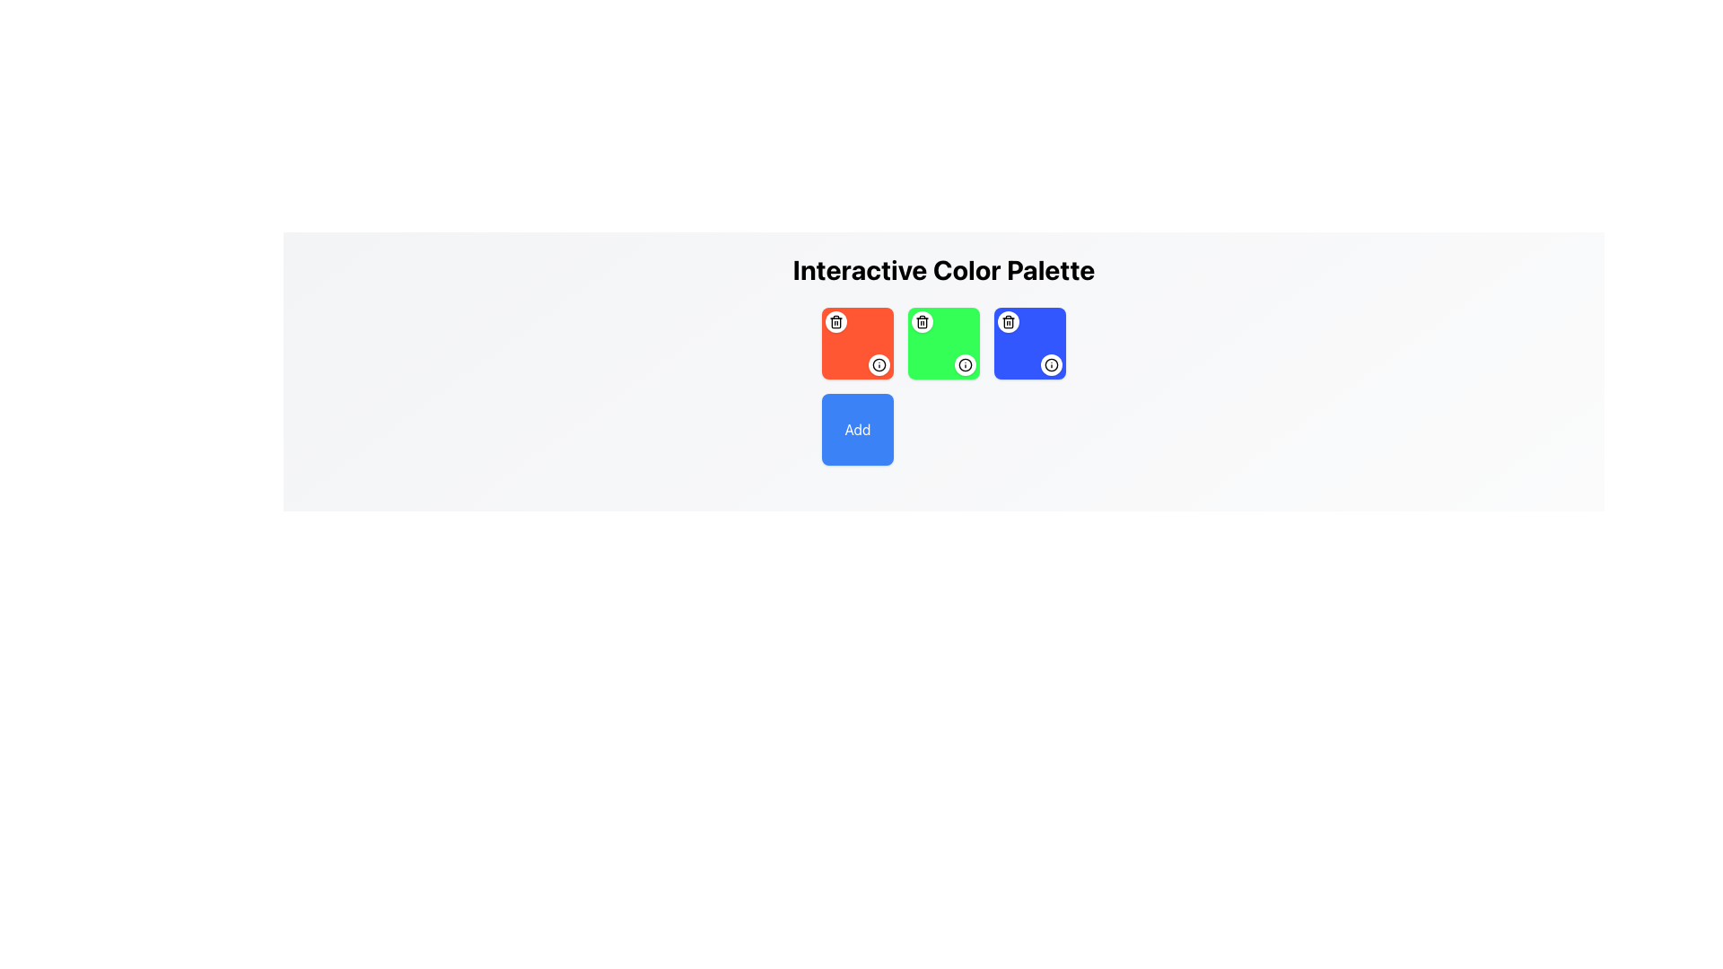 This screenshot has width=1723, height=969. What do you see at coordinates (922, 320) in the screenshot?
I see `the trash icon button, which is a minimalistic outlined trash can situated in the top-left area of a green tile` at bounding box center [922, 320].